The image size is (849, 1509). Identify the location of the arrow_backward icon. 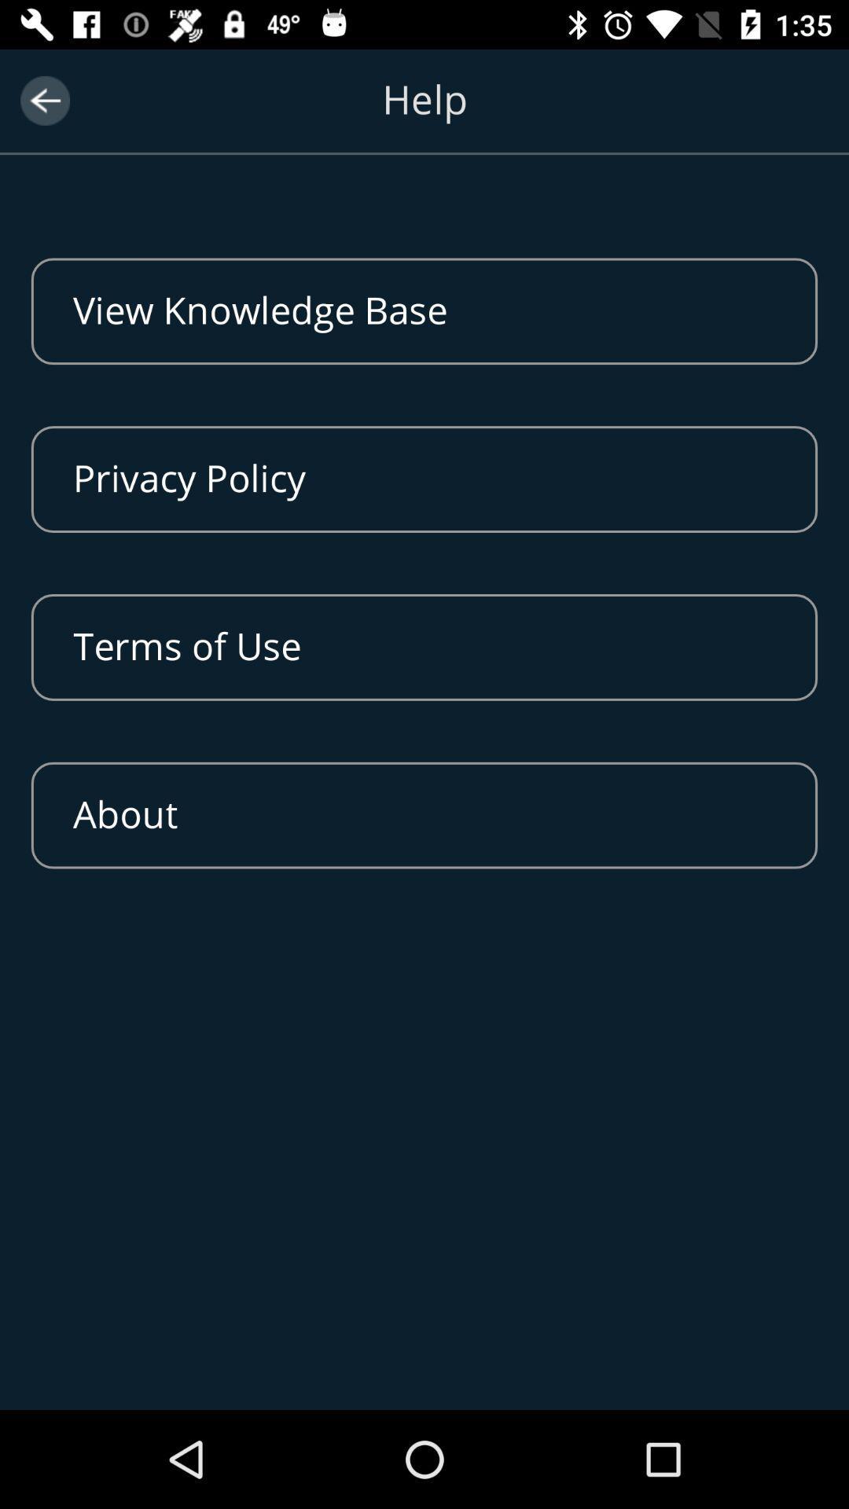
(44, 100).